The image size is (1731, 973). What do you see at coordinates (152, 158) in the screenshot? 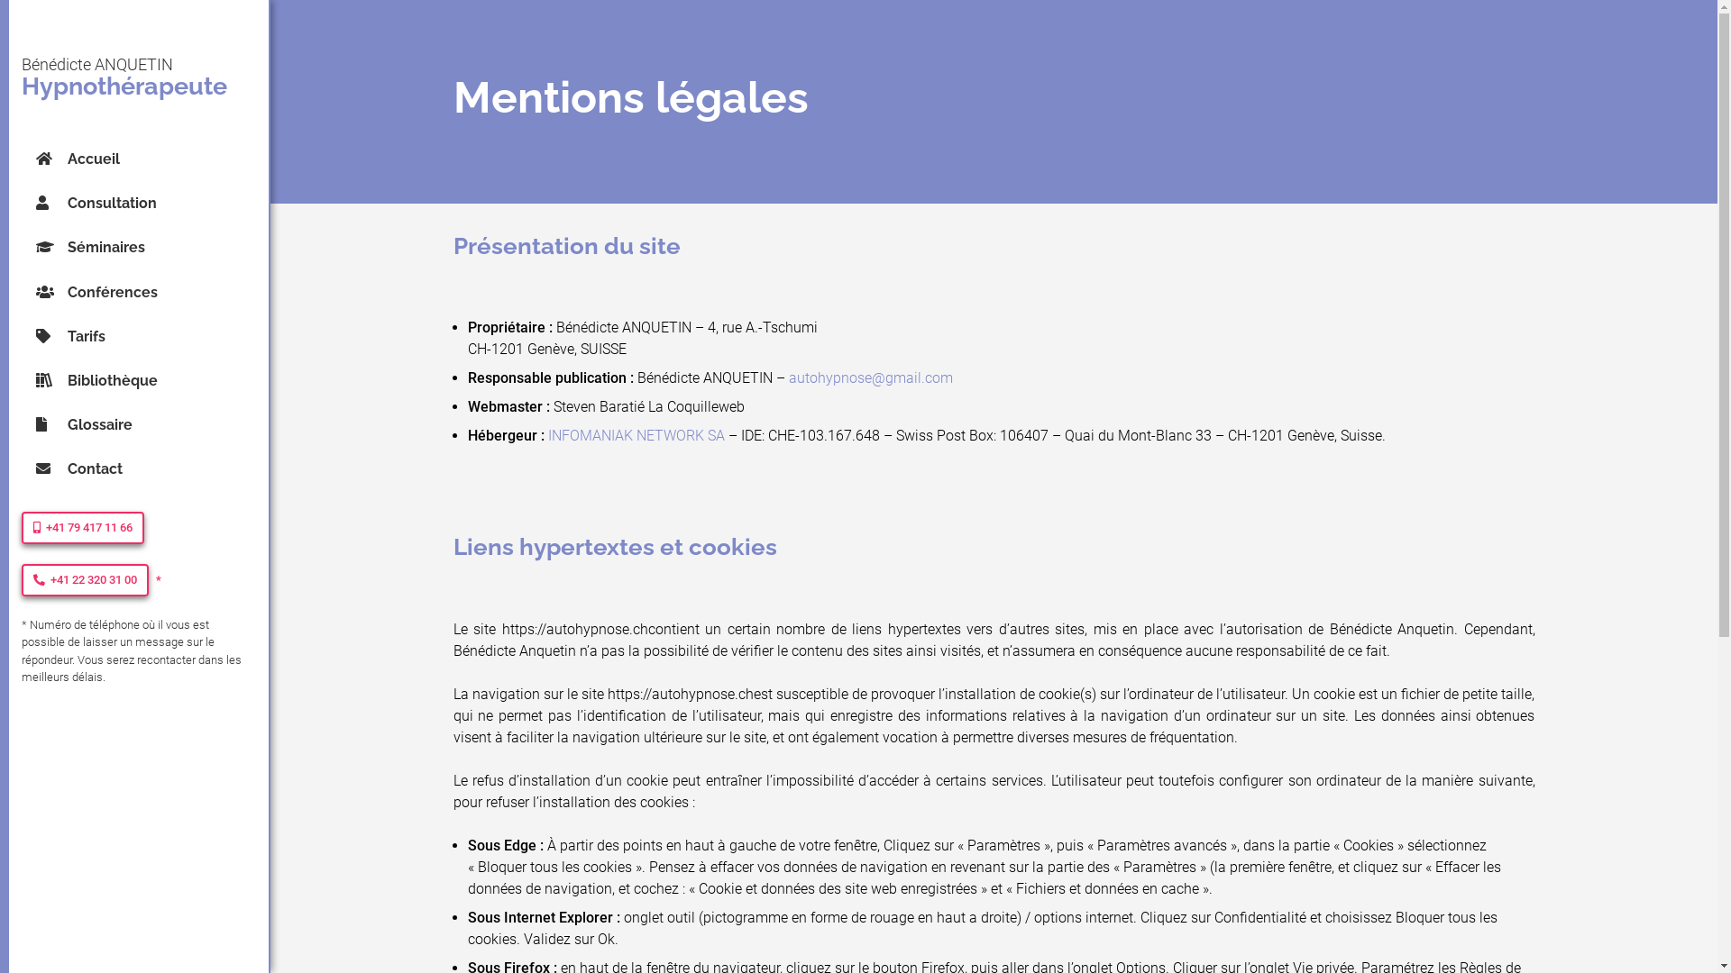
I see `'Accueil'` at bounding box center [152, 158].